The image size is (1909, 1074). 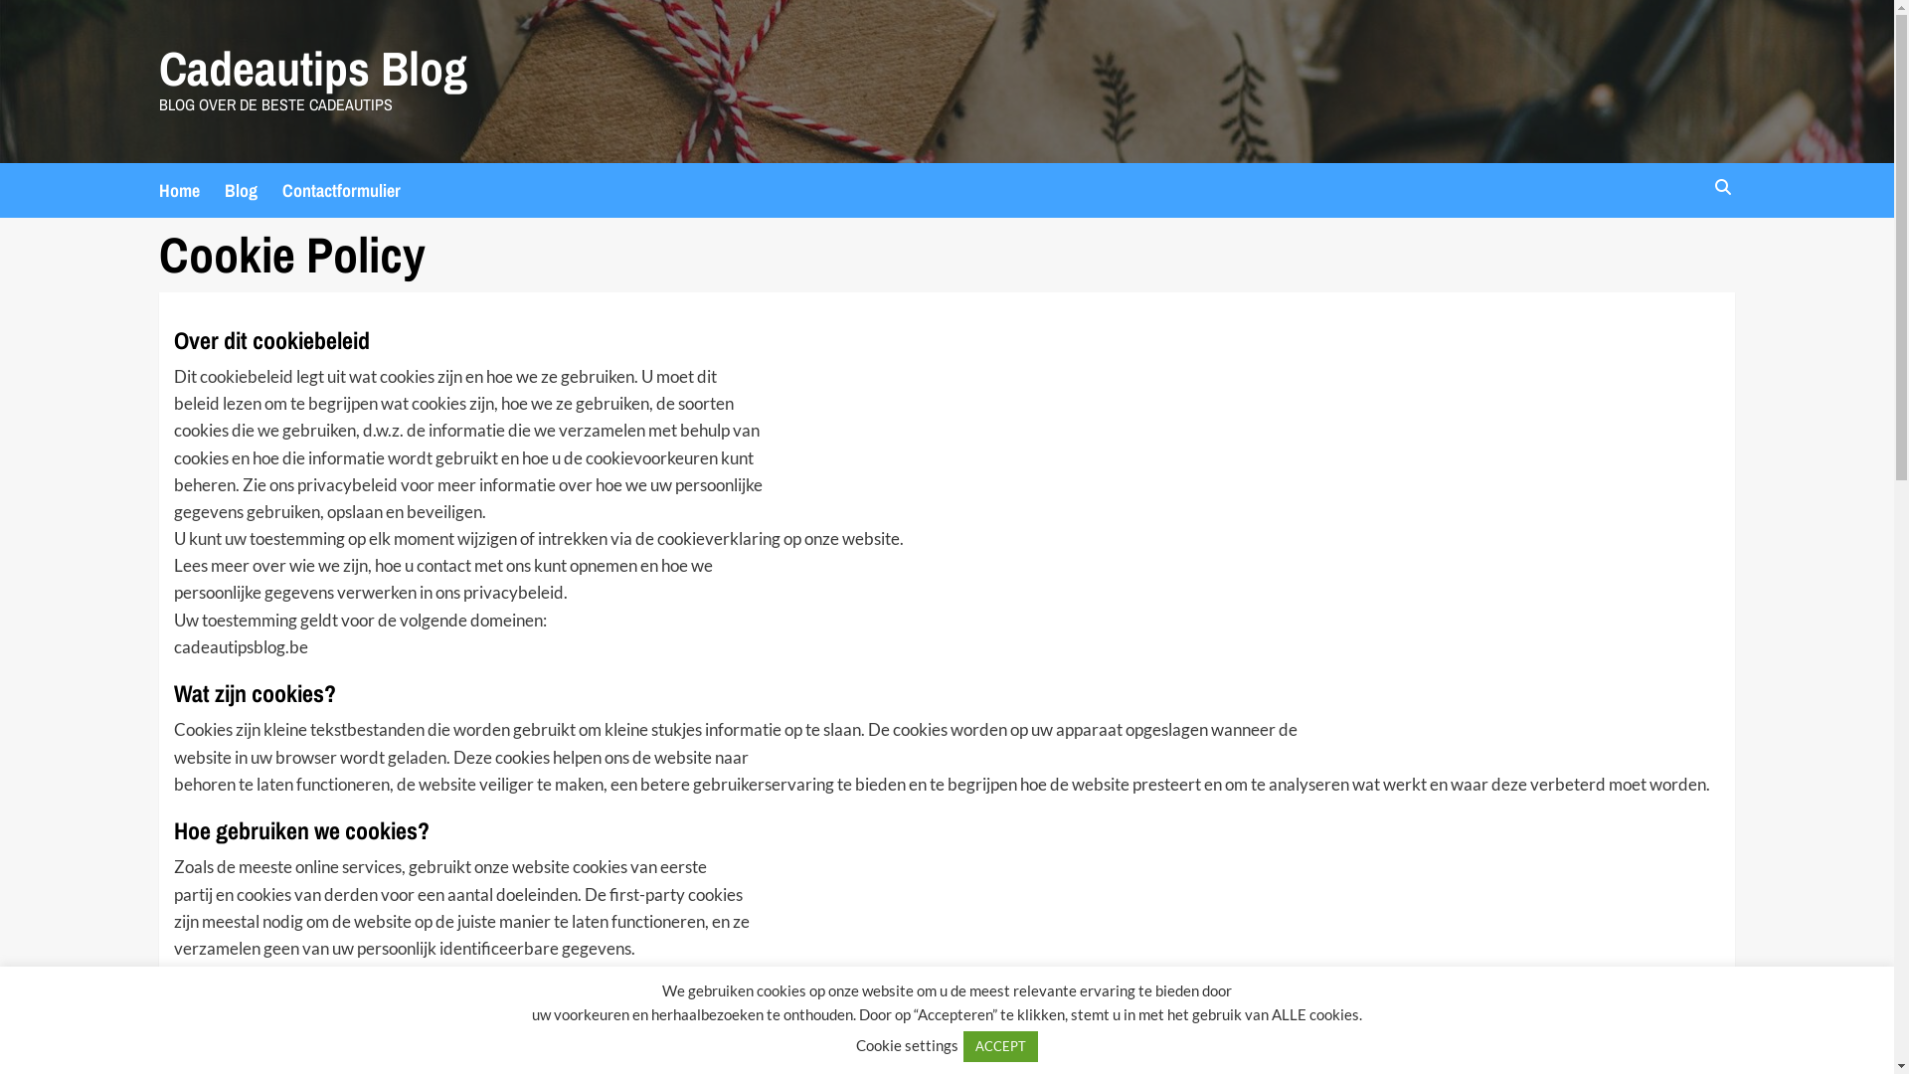 What do you see at coordinates (1721, 187) in the screenshot?
I see `'Search'` at bounding box center [1721, 187].